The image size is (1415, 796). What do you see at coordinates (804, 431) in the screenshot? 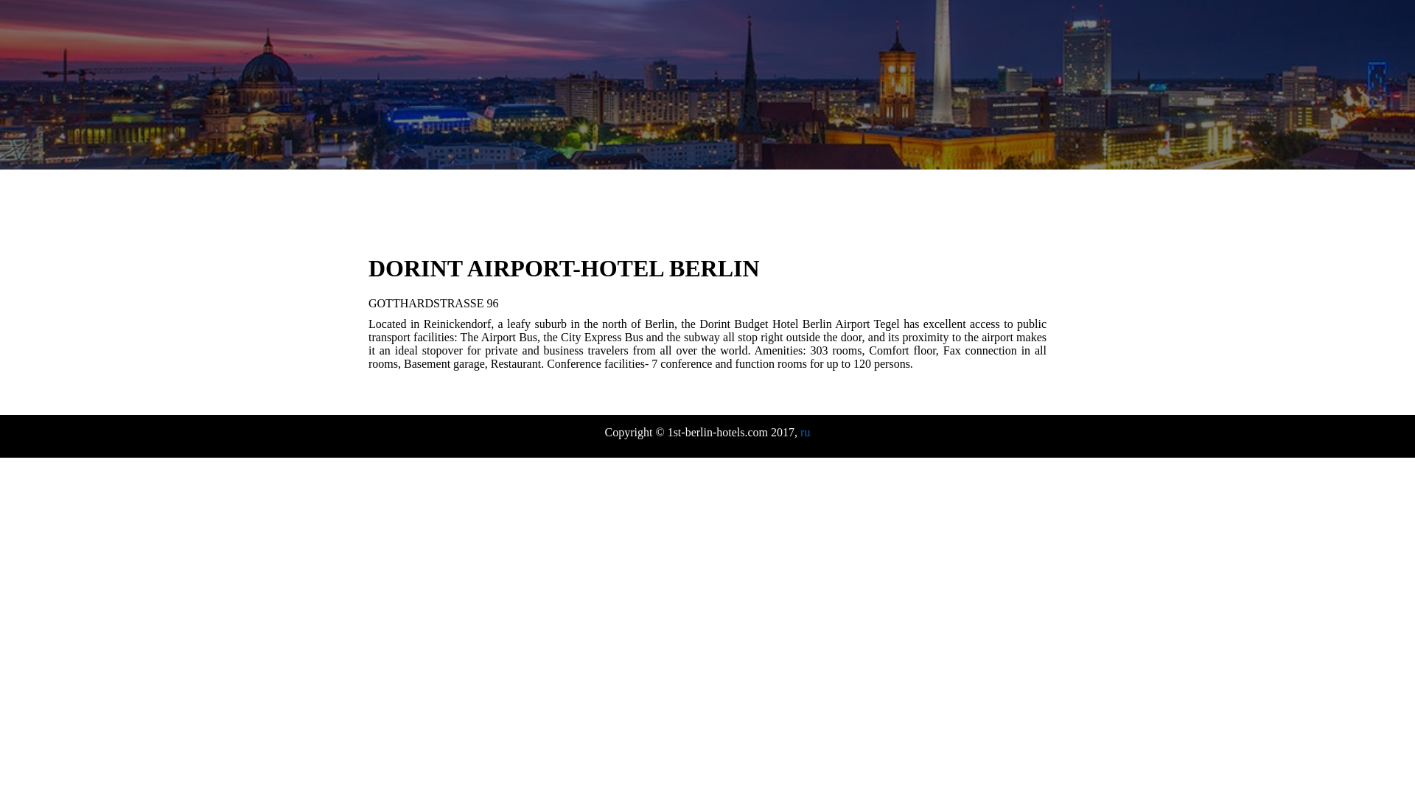
I see `'ru'` at bounding box center [804, 431].